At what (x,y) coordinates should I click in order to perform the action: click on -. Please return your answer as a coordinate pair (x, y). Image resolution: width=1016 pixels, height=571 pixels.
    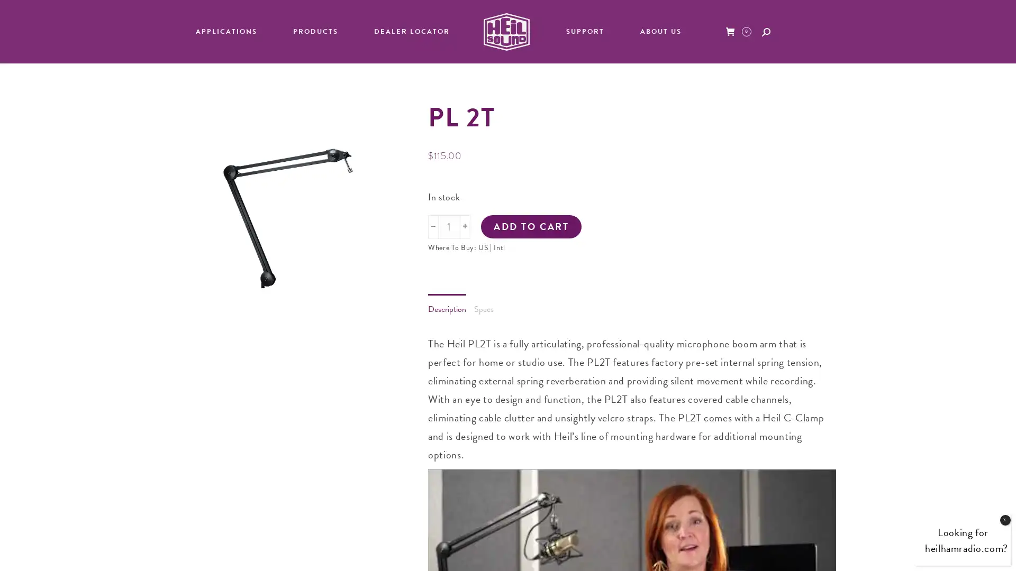
    Looking at the image, I should click on (433, 226).